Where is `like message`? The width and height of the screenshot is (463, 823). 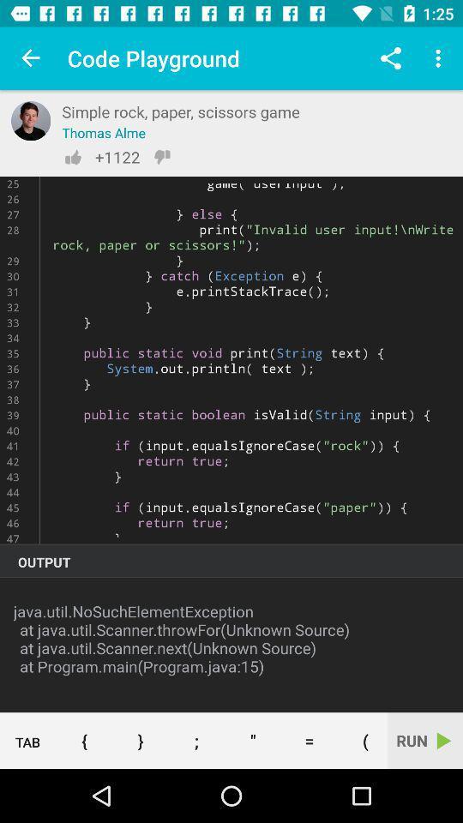
like message is located at coordinates (72, 157).